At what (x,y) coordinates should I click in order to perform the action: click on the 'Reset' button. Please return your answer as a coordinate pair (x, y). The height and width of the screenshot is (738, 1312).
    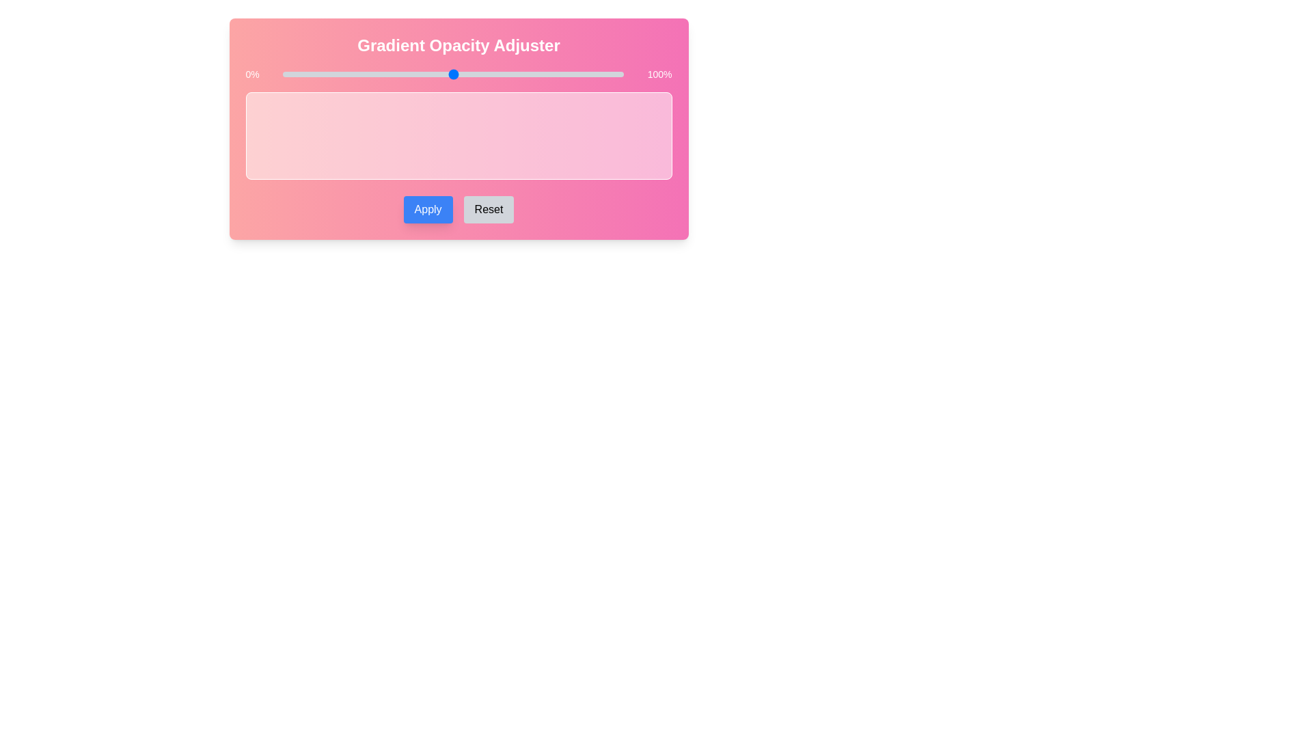
    Looking at the image, I should click on (489, 210).